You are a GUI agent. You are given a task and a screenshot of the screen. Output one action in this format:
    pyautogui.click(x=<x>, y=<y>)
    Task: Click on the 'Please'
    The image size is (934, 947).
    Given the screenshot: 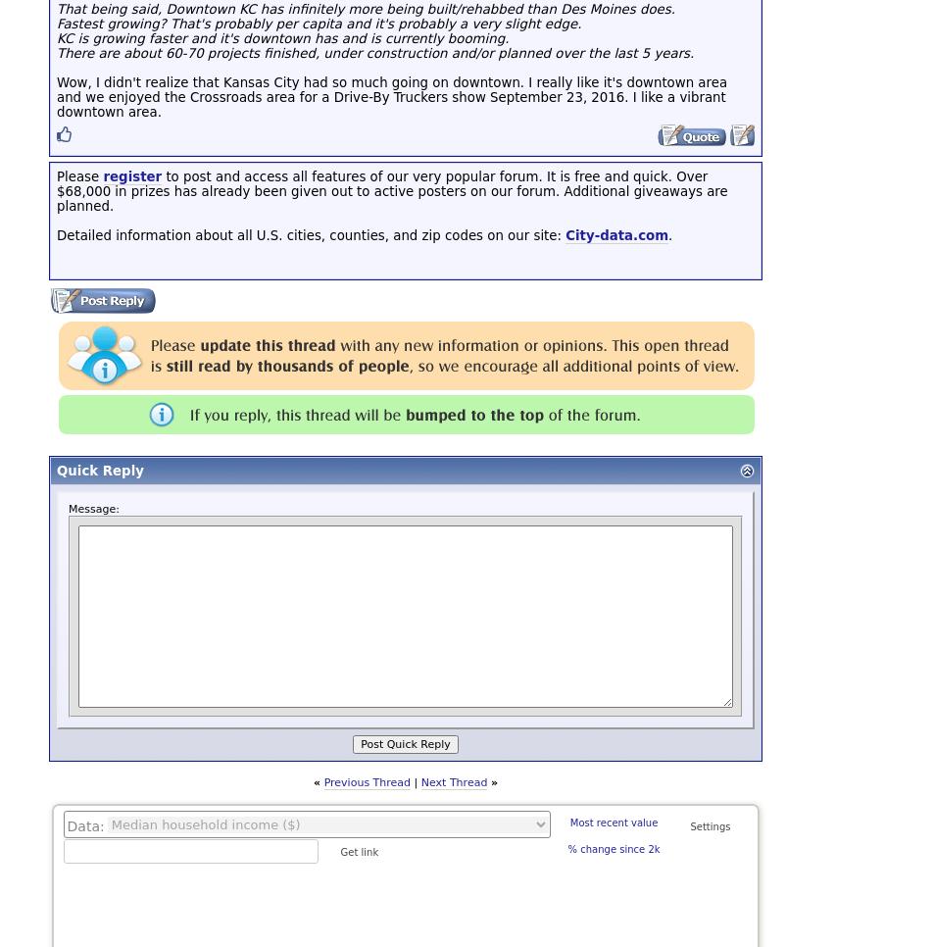 What is the action you would take?
    pyautogui.click(x=78, y=175)
    